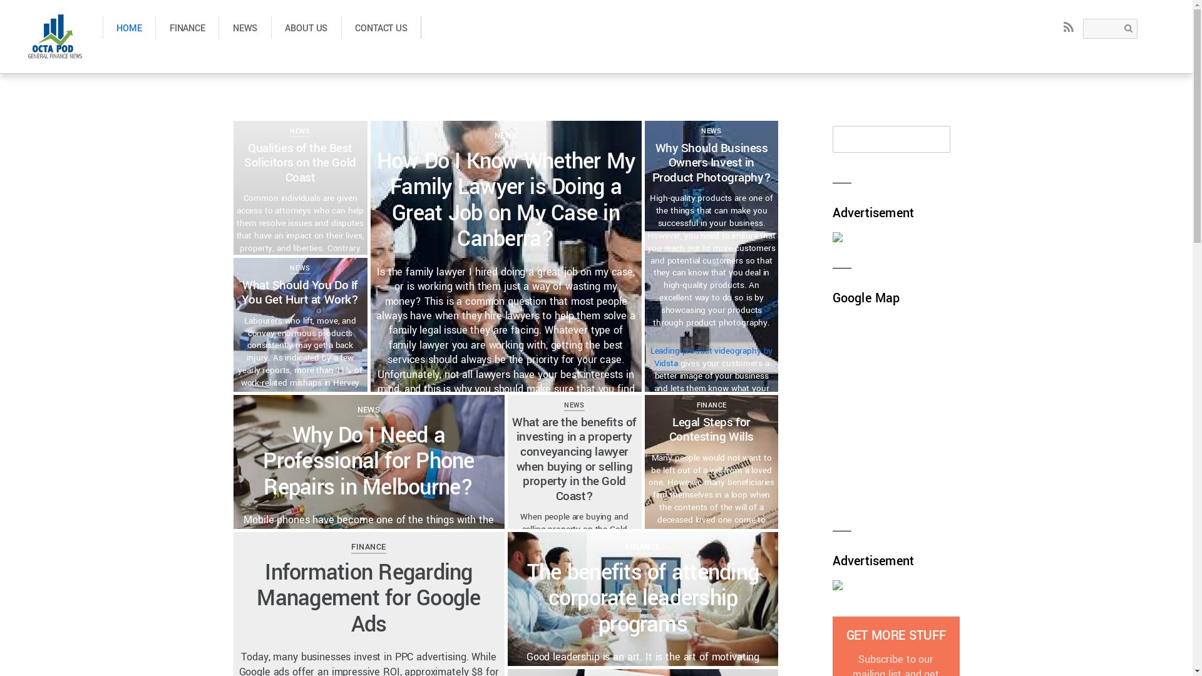 The width and height of the screenshot is (1202, 676). I want to click on 'NEWS', so click(244, 26).